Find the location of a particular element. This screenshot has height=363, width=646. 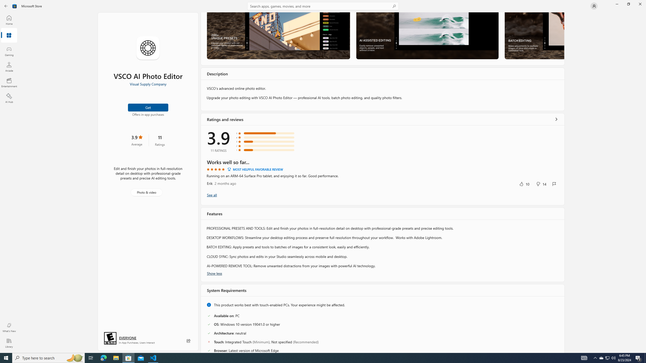

'Show less' is located at coordinates (214, 273).